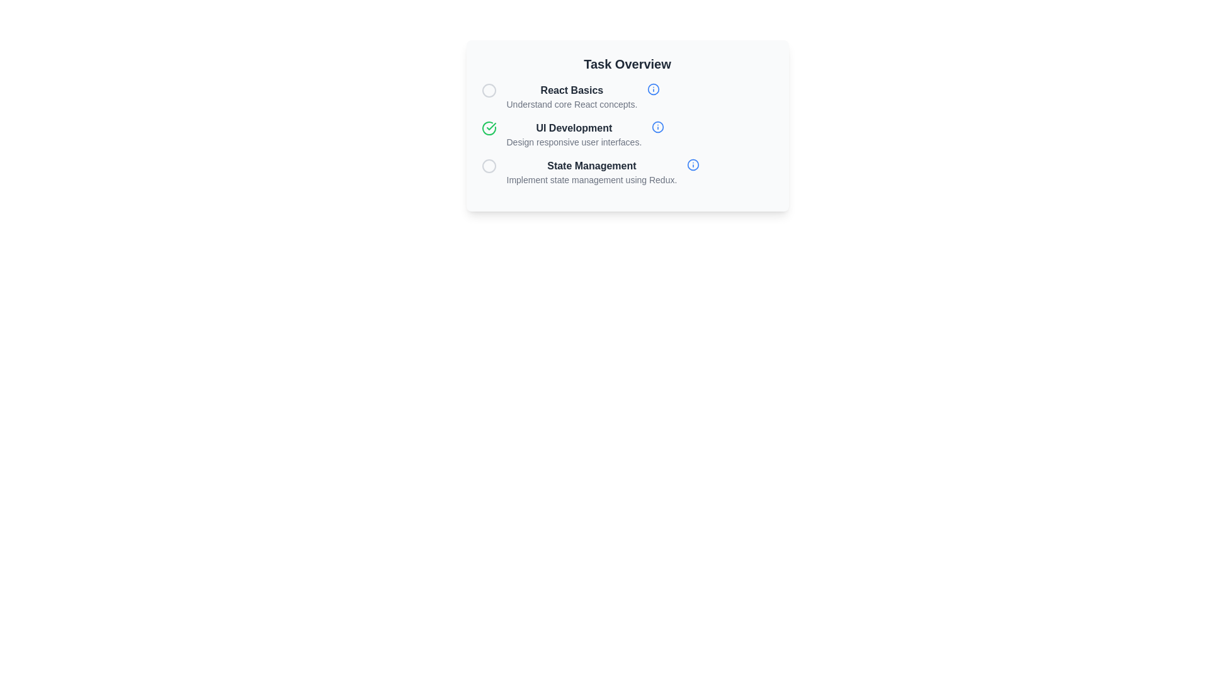 This screenshot has height=680, width=1209. Describe the element at coordinates (571, 96) in the screenshot. I see `the label with the heading 'React Basics' and its description 'Understand core React concepts.' located in the 'Task Overview' card` at that location.